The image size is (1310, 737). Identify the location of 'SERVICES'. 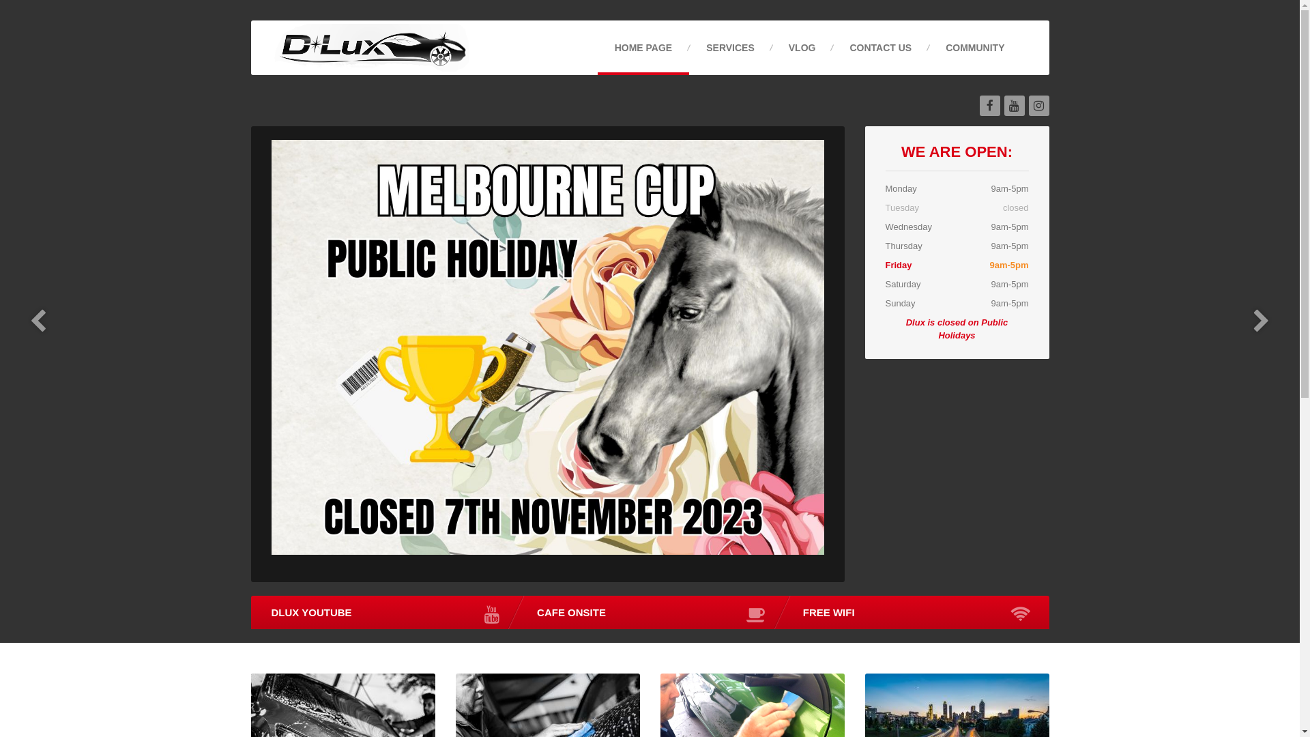
(688, 46).